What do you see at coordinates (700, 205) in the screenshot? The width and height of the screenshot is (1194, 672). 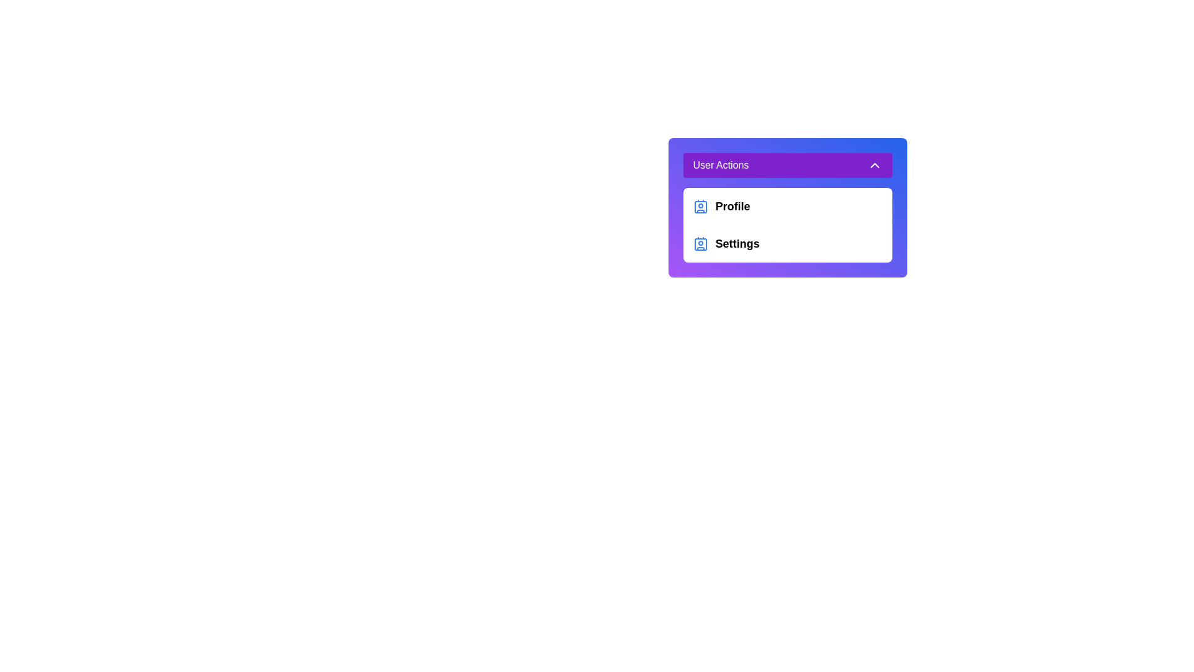 I see `the blue profile icon located to the left of the 'Profile' label in the 'User Actions' dropdown menu` at bounding box center [700, 205].